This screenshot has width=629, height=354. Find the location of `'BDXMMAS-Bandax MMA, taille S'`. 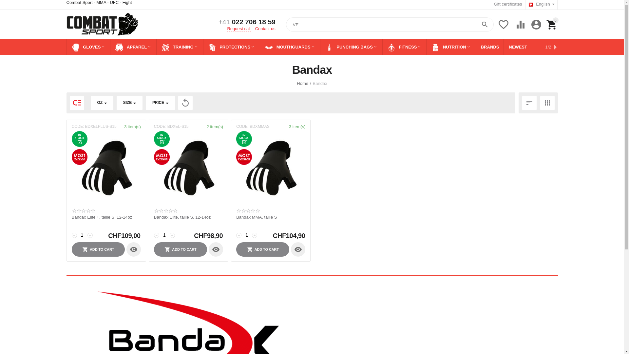

'BDXMMAS-Bandax MMA, taille S' is located at coordinates (271, 168).